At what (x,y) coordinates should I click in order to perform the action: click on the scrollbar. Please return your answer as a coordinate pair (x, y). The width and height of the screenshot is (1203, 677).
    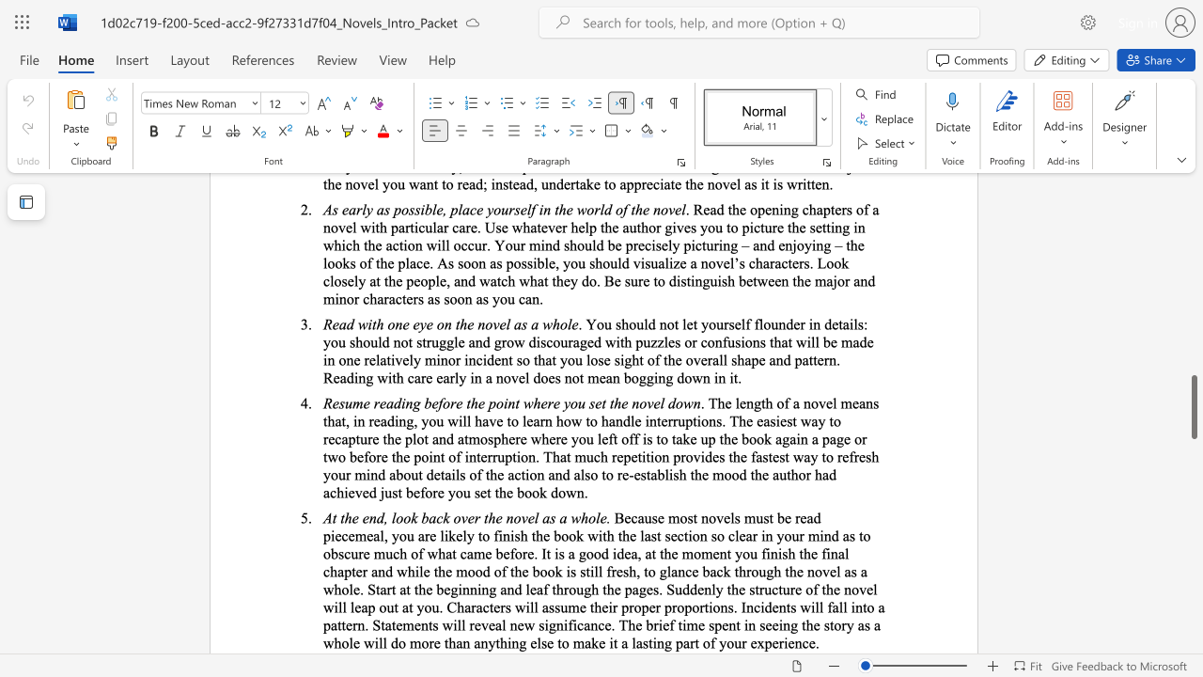
    Looking at the image, I should click on (1193, 536).